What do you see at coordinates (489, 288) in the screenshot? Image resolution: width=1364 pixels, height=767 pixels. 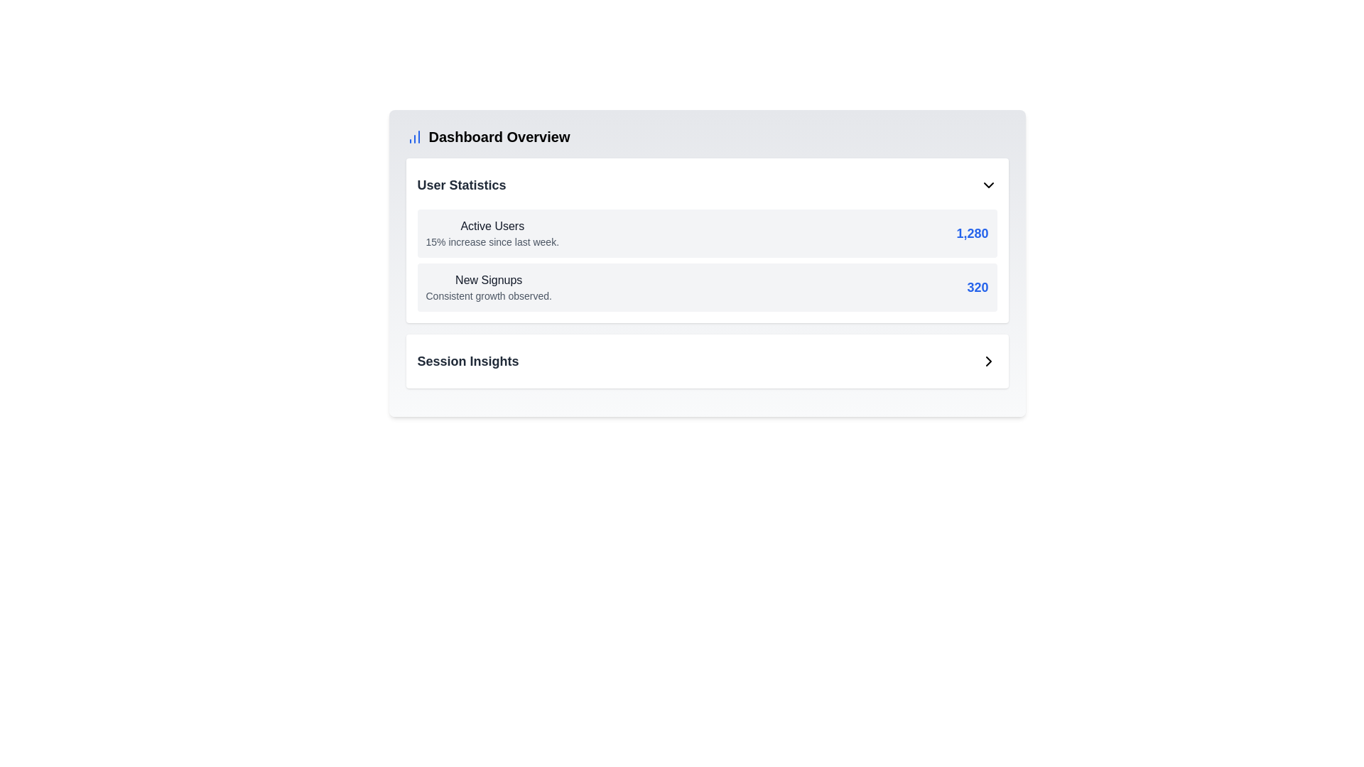 I see `the descriptive text component that provides contextual information about new user signups in the User Statistics section of the dashboard` at bounding box center [489, 288].